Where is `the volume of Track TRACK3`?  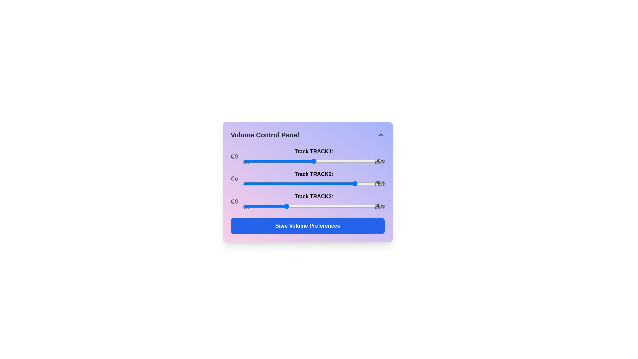 the volume of Track TRACK3 is located at coordinates (263, 206).